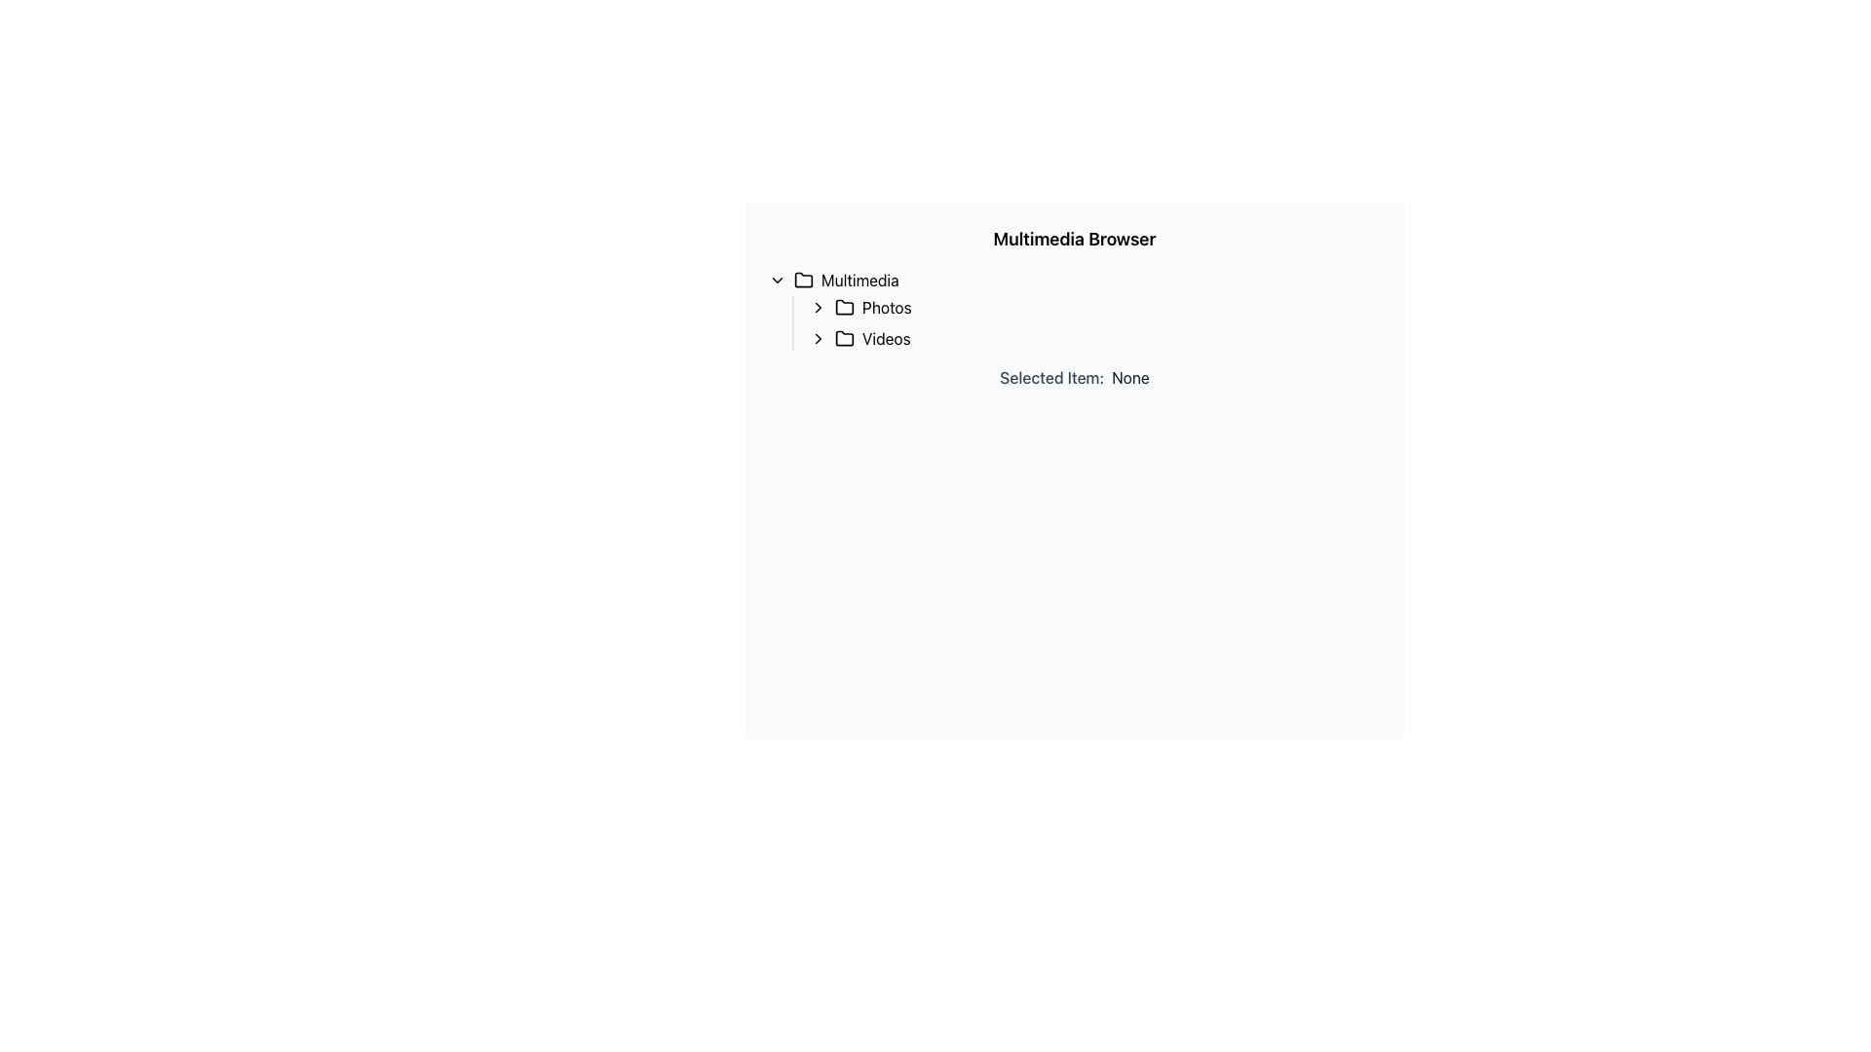  What do you see at coordinates (859, 281) in the screenshot?
I see `the 'Multimedia' text label which is located below the main header 'Multimedia Browser' and next to the expandable folder icon` at bounding box center [859, 281].